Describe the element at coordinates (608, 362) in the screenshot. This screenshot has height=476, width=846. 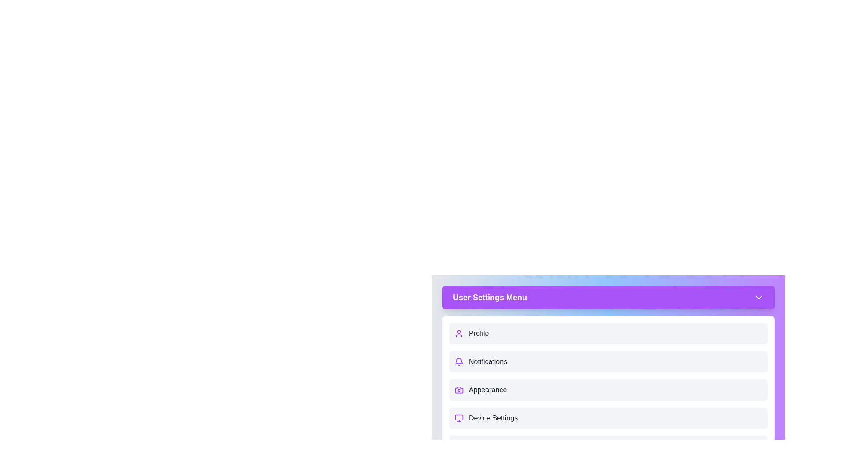
I see `the menu item Notifications from the User Settings Menu` at that location.